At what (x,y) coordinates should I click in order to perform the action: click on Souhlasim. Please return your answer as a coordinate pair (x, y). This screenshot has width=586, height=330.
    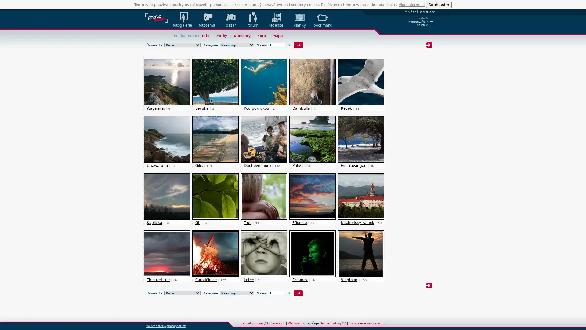
    Looking at the image, I should click on (439, 5).